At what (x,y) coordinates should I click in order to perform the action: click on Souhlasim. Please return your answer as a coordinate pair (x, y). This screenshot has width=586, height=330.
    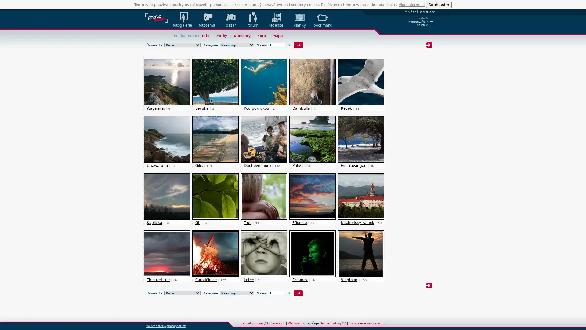
    Looking at the image, I should click on (439, 5).